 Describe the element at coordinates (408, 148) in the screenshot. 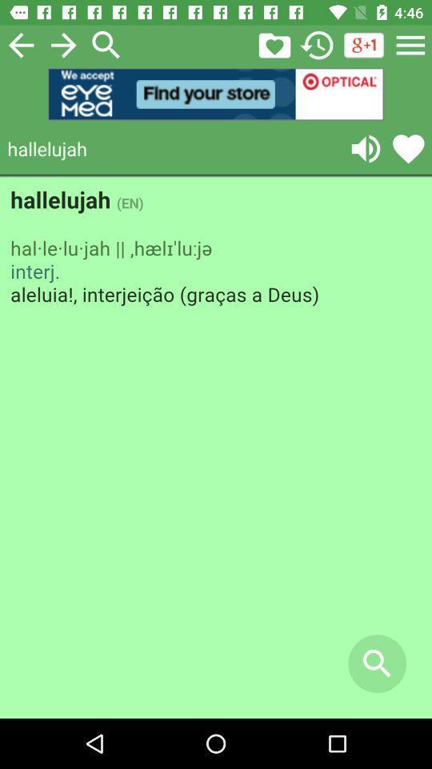

I see `the favorite icon` at that location.